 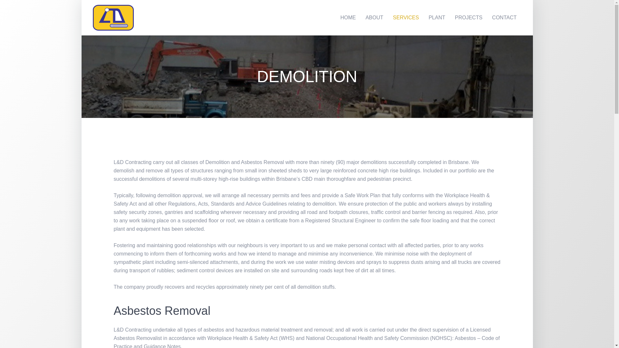 I want to click on 'ABOUT', so click(x=360, y=17).